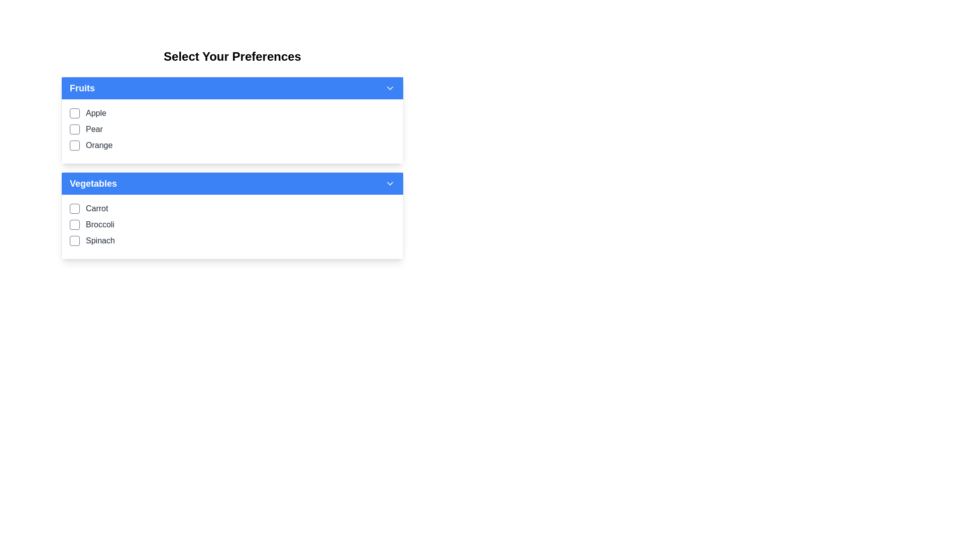 The width and height of the screenshot is (964, 542). I want to click on the 'Apple' static text label element, which is a black, bold text label displaying 'Apple' positioned next to a checkbox in the 'Fruits' category list, so click(96, 113).